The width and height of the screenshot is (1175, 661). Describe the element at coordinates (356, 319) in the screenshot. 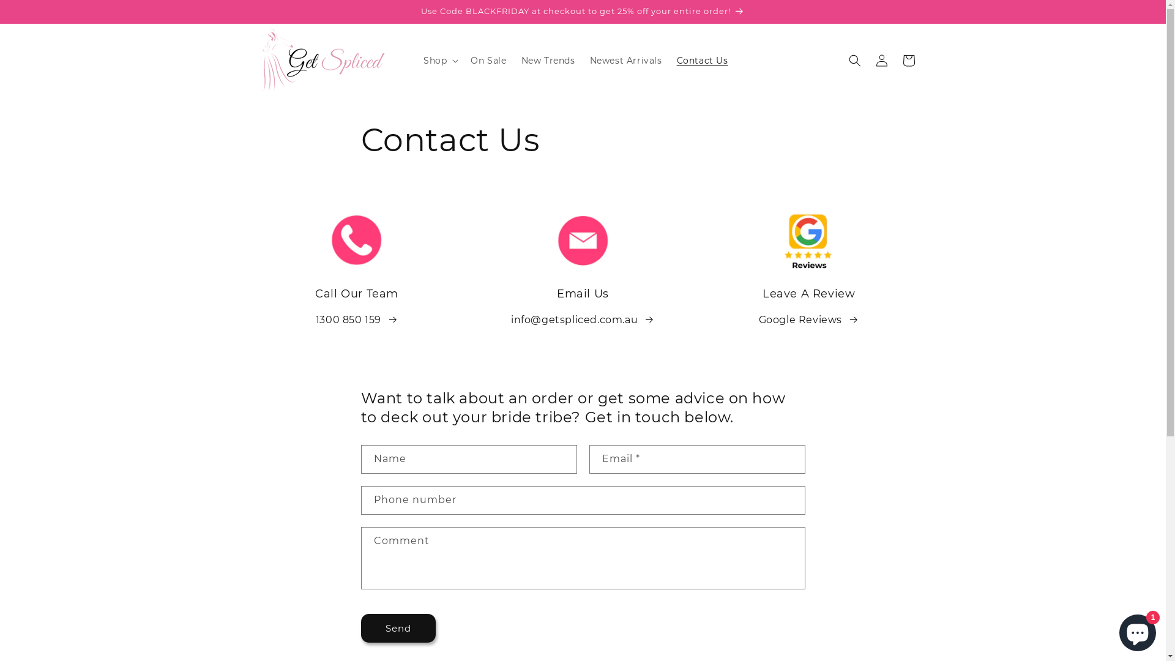

I see `'1300 850 159 '` at that location.